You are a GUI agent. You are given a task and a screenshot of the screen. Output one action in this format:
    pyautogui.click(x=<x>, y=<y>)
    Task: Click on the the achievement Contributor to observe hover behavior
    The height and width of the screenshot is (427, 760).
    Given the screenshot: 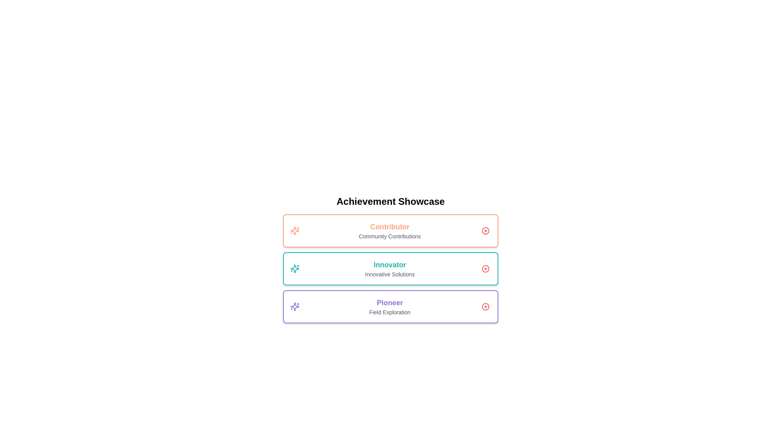 What is the action you would take?
    pyautogui.click(x=391, y=231)
    